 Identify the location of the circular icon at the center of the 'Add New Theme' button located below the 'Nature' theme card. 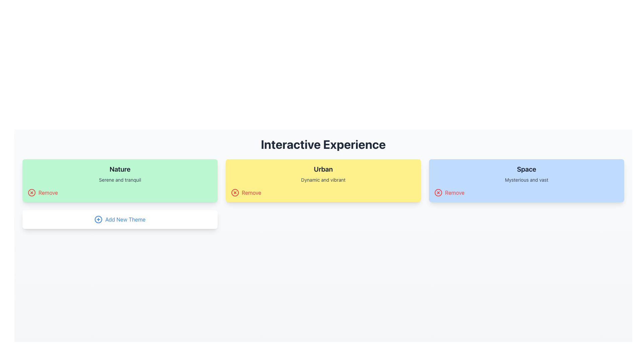
(98, 220).